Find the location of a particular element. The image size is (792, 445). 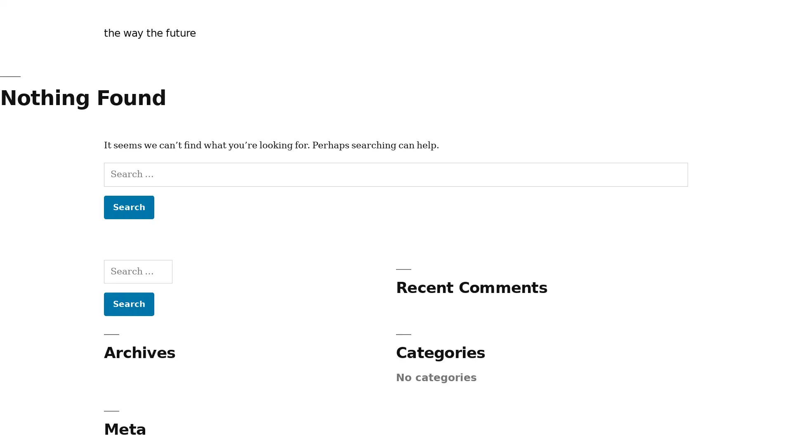

Search is located at coordinates (128, 304).